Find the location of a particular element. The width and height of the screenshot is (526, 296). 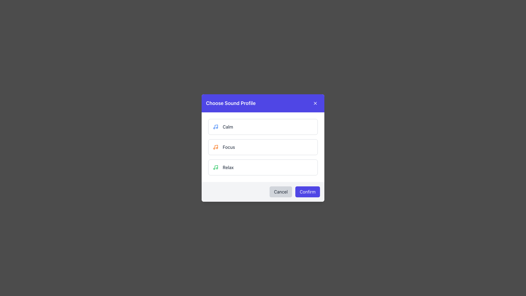

text content of the 'Calm' label, which is displayed in medium gray font and positioned to the right of a blue music icon within a white rounded rectangular block is located at coordinates (228, 127).